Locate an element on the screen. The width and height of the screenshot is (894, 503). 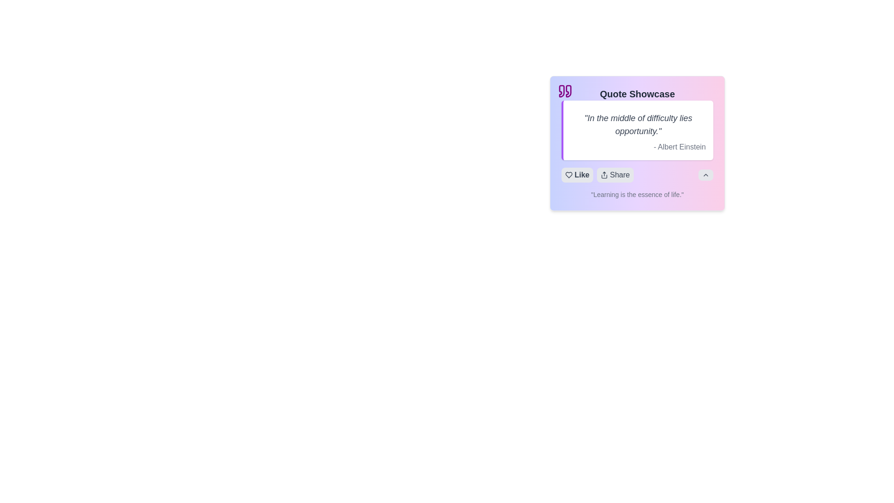
the 'Share' button which is styled with rounded borders, light gray background, and dark gray text, located to the right of the 'Like' button for keyboard interaction is located at coordinates (615, 175).